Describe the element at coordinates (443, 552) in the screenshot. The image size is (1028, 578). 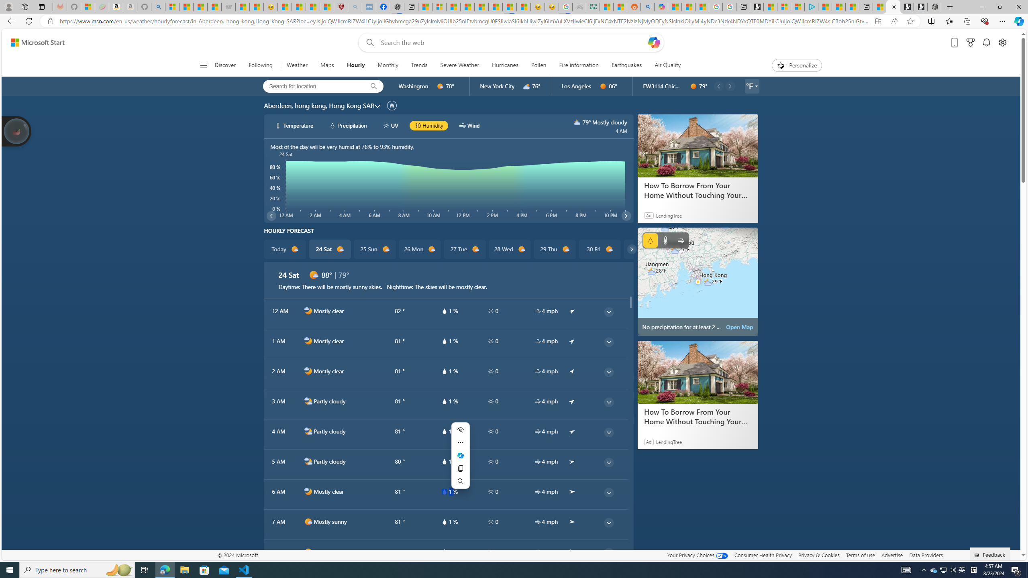
I see `'hourlyTable/drop'` at that location.